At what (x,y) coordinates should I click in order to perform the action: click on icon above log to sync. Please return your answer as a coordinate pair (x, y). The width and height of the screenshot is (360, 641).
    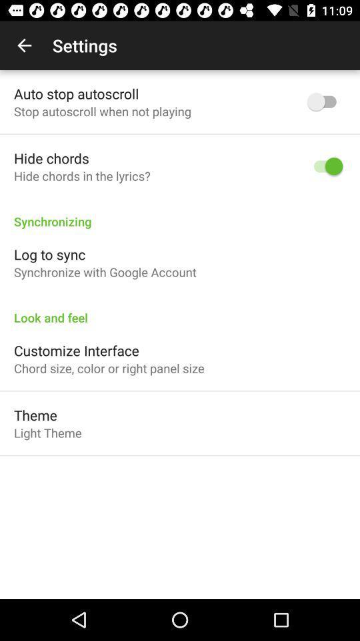
    Looking at the image, I should click on (180, 214).